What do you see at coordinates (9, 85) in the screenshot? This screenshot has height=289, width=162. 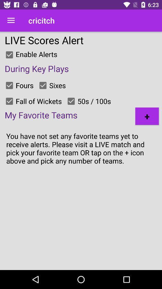 I see `switch fours option` at bounding box center [9, 85].